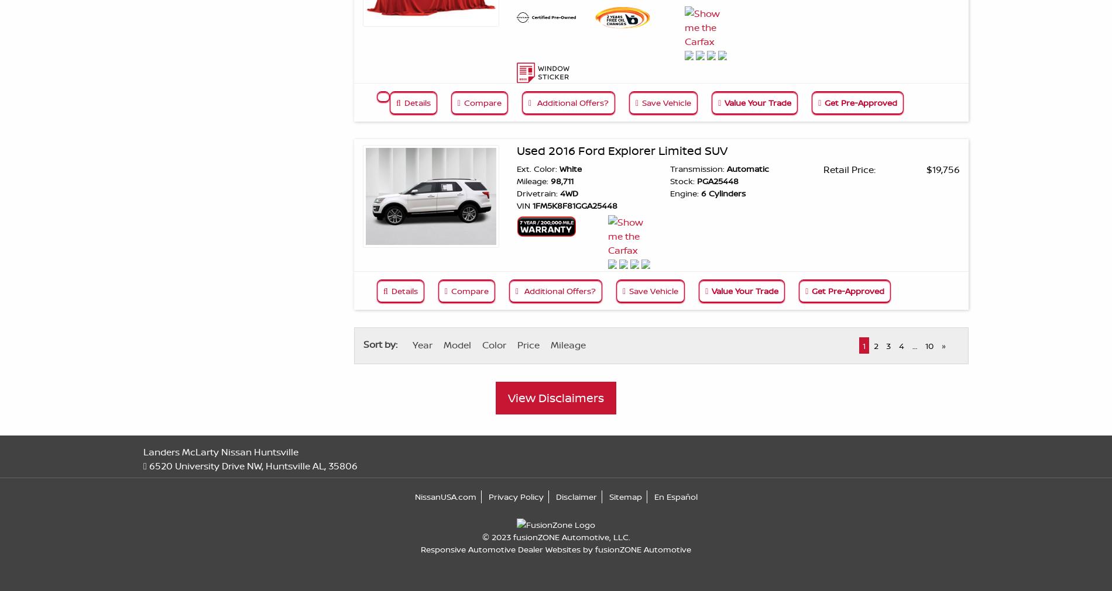 The width and height of the screenshot is (1112, 591). Describe the element at coordinates (888, 345) in the screenshot. I see `'3'` at that location.